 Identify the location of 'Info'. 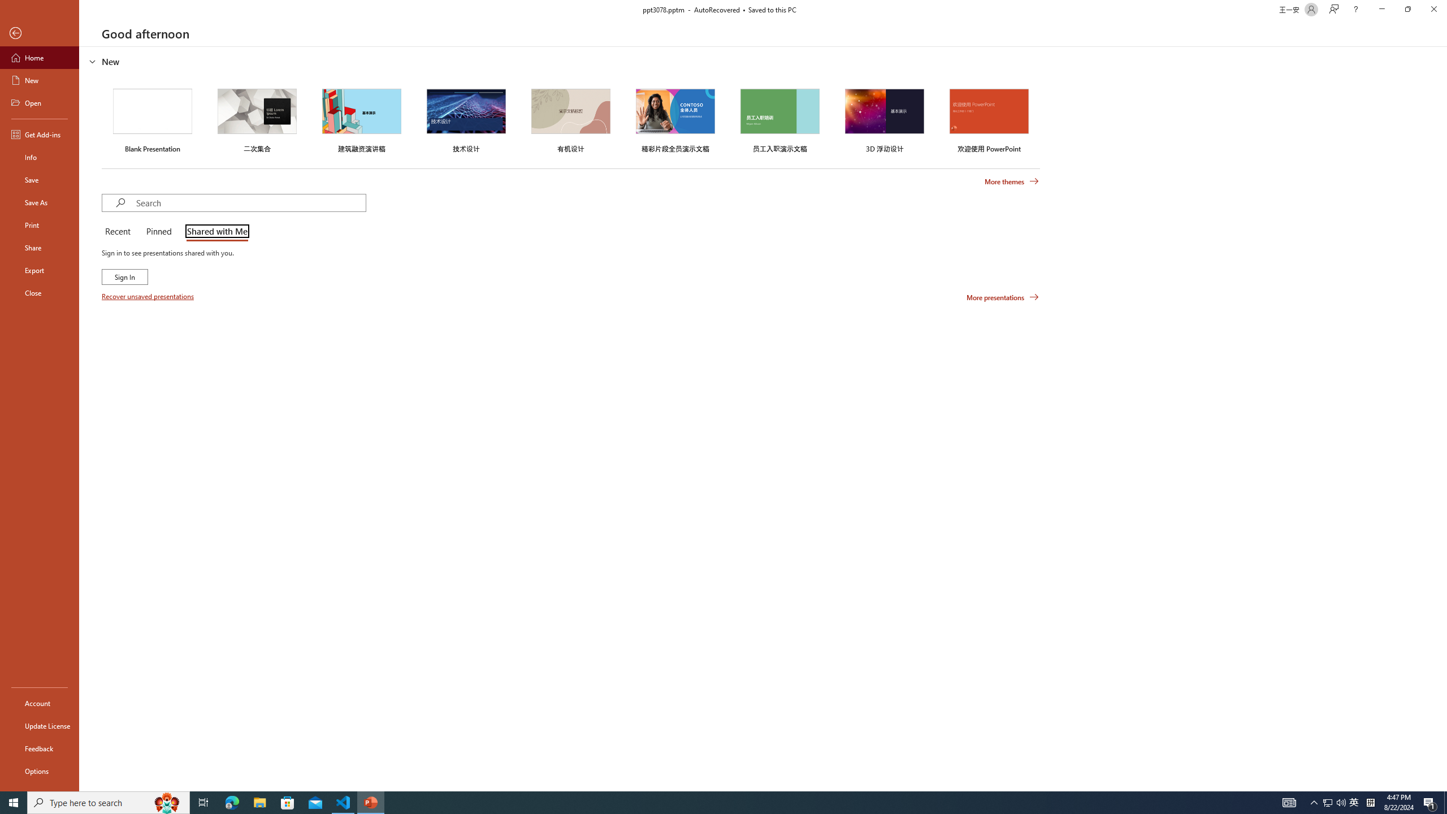
(39, 156).